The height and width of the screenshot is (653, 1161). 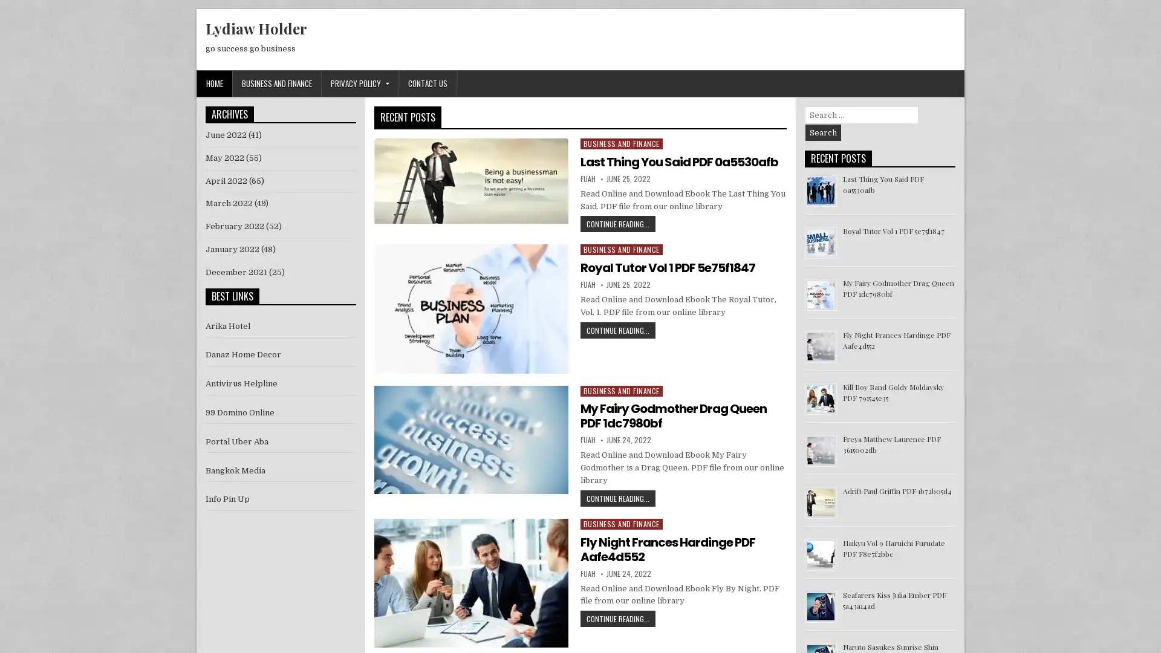 I want to click on Search, so click(x=822, y=132).